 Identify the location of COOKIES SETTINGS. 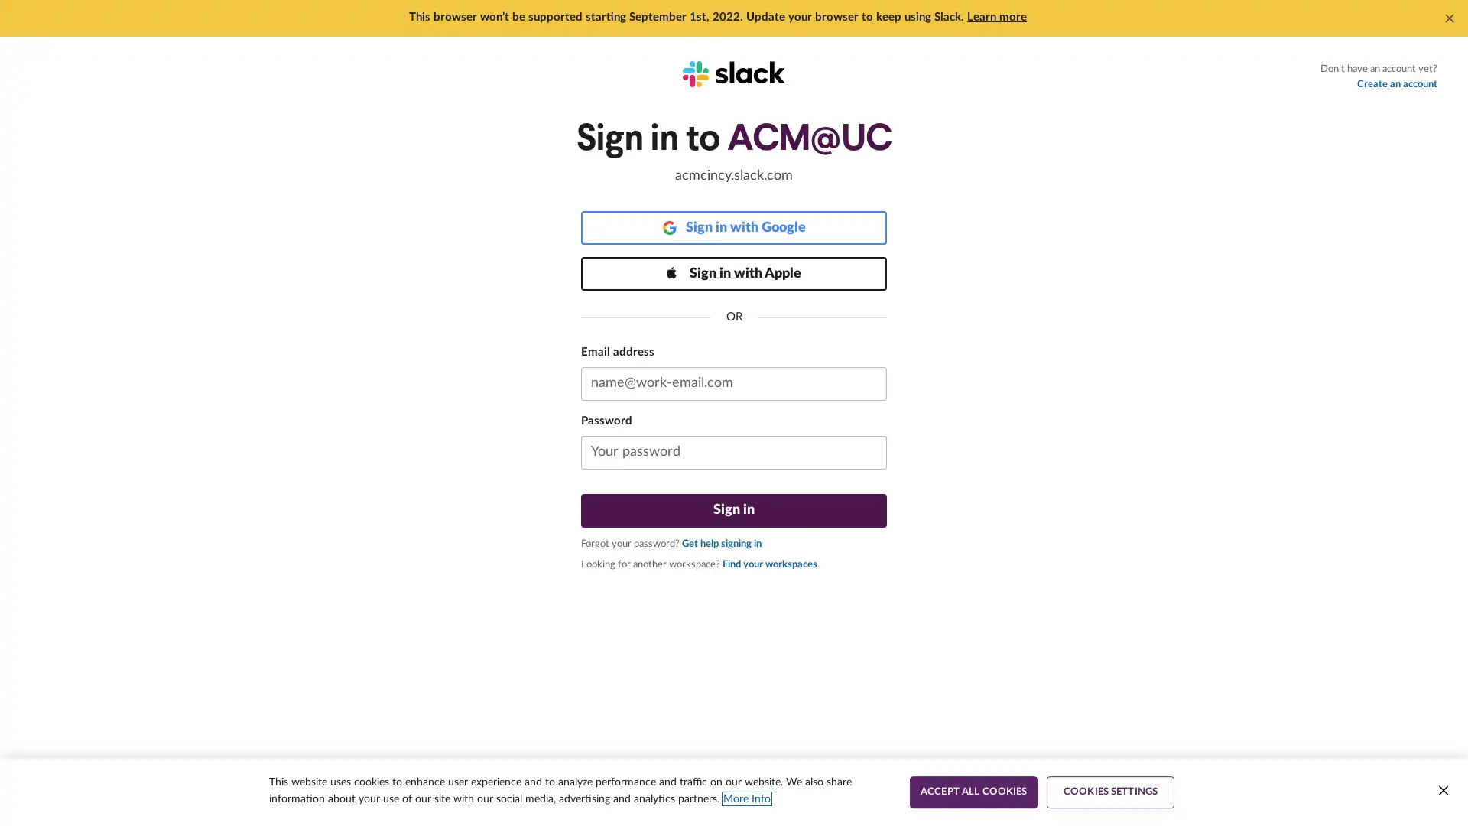
(1110, 792).